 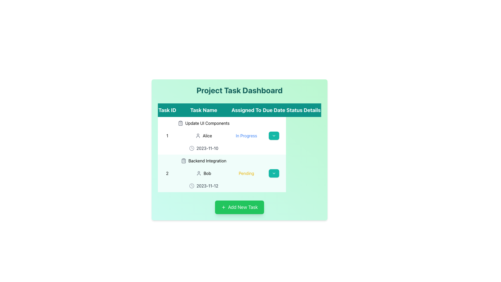 What do you see at coordinates (192, 186) in the screenshot?
I see `the SVG Circle element that represents the outer circle of the clock icon next to the due date '2023-11-12' for the task 'Backend Integration'` at bounding box center [192, 186].